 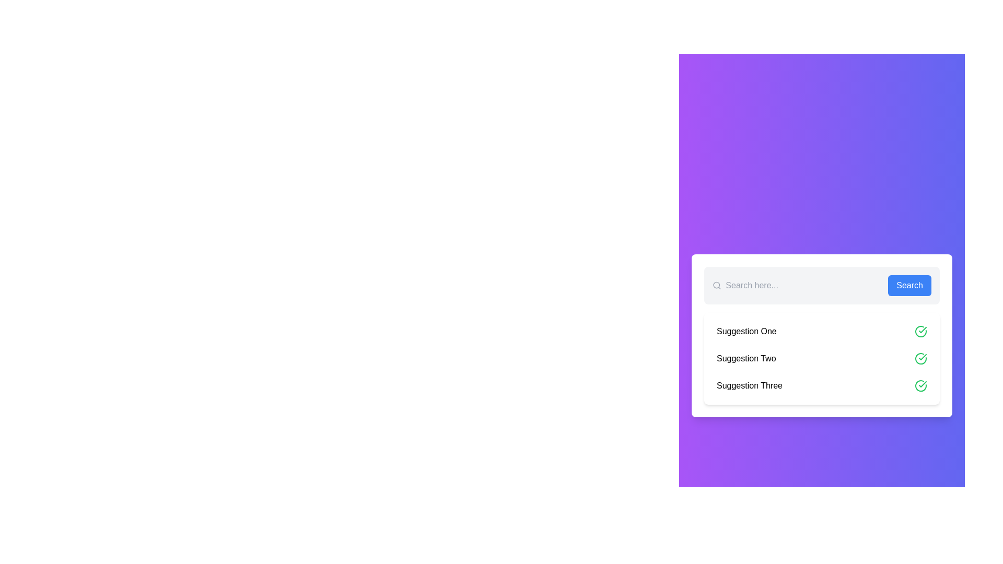 I want to click on on the first suggestion text label in the suggestion list, which is located, so click(x=746, y=332).